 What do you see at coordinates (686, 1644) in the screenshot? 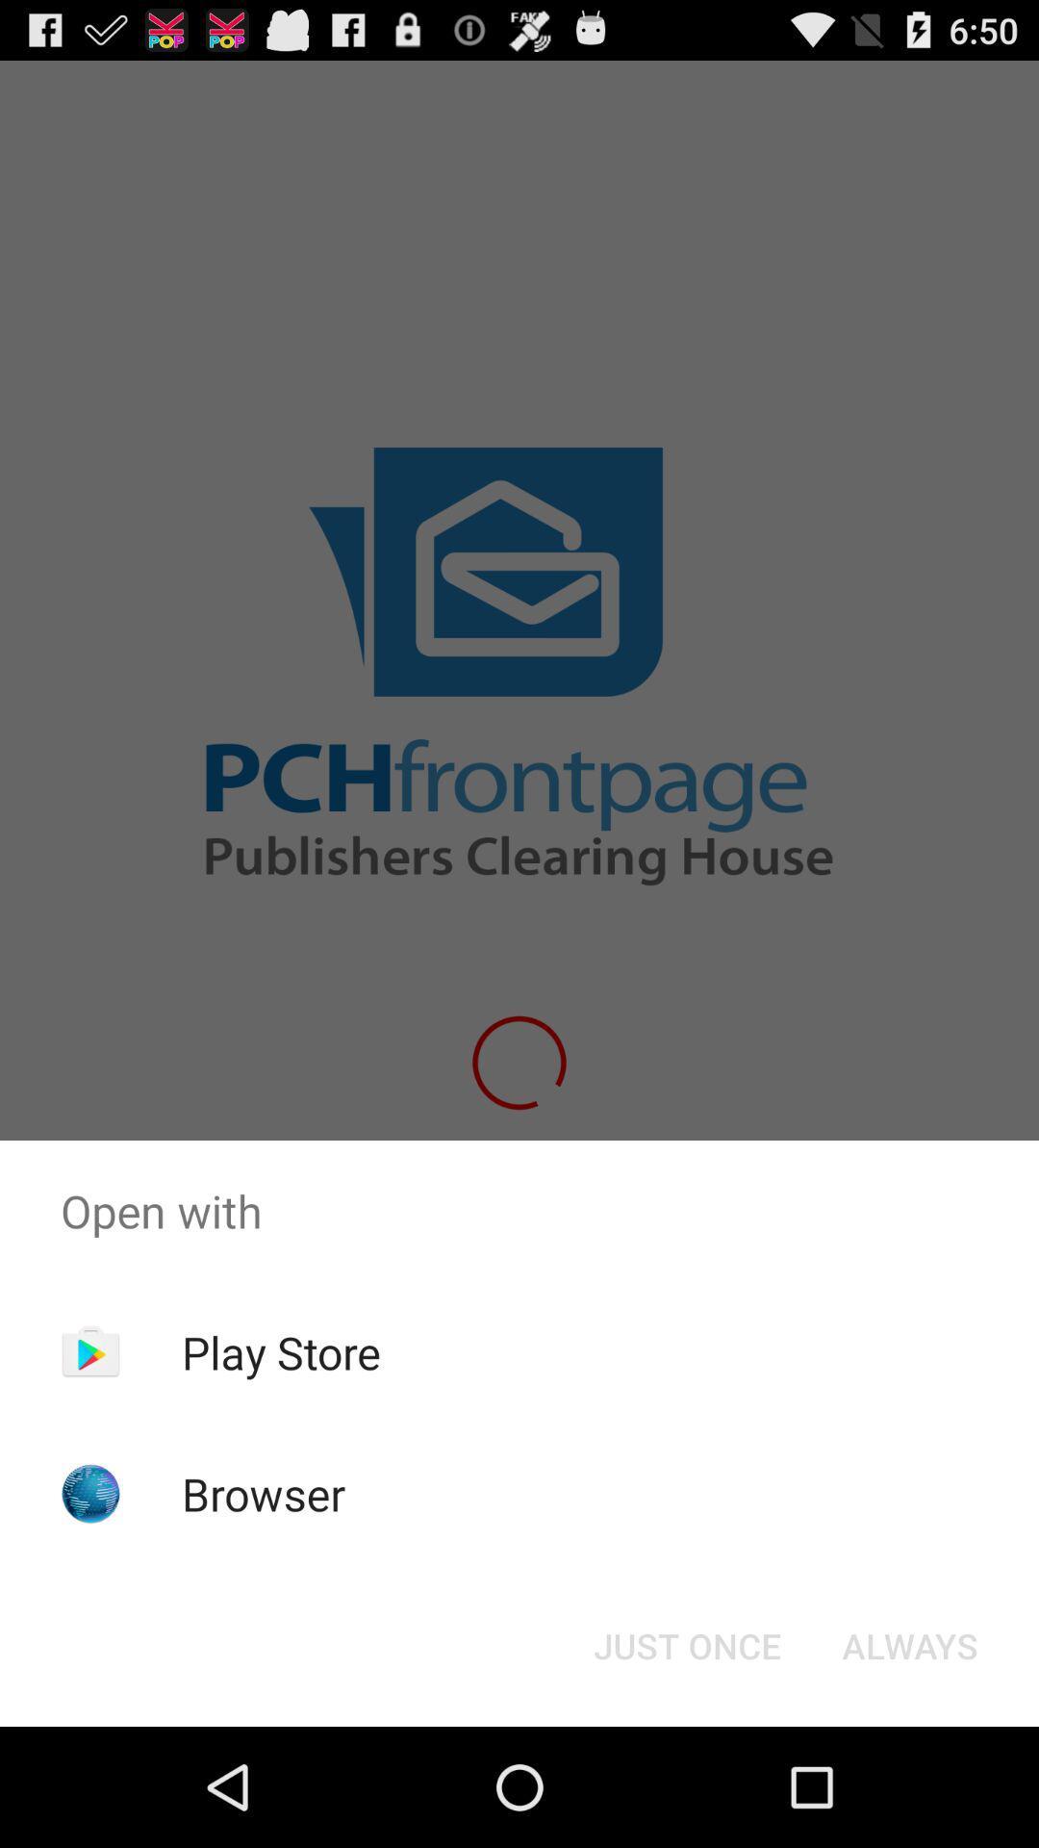
I see `icon to the left of the always` at bounding box center [686, 1644].